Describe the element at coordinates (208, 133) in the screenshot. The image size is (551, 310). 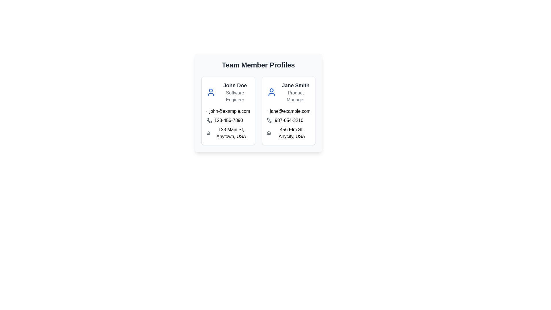
I see `the home address icon located to the left of the text '123 Main St, Anytown, USA' in the user's profile card` at that location.